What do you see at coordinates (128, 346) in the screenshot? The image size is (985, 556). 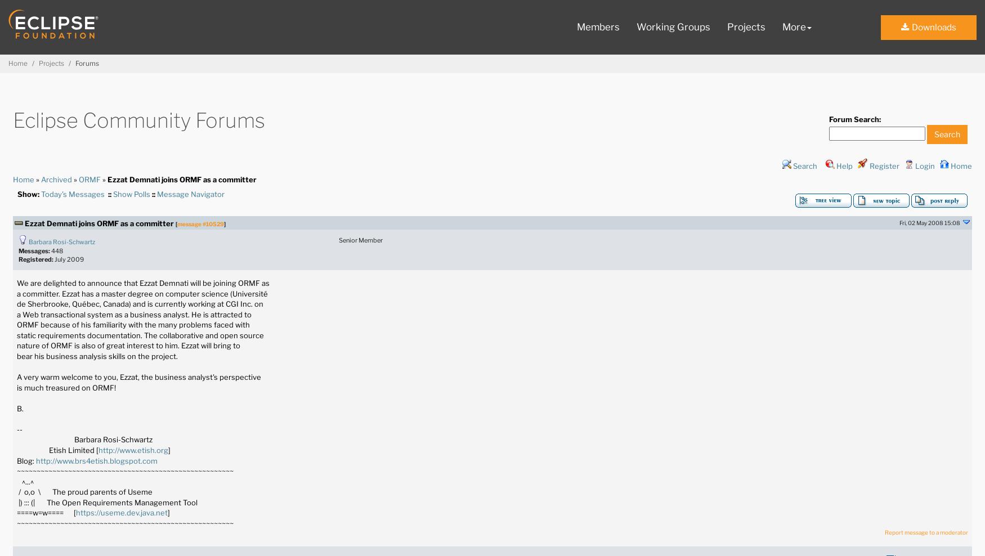 I see `'nature of ORMF is also of great interest to him. Ezzat will bring to'` at bounding box center [128, 346].